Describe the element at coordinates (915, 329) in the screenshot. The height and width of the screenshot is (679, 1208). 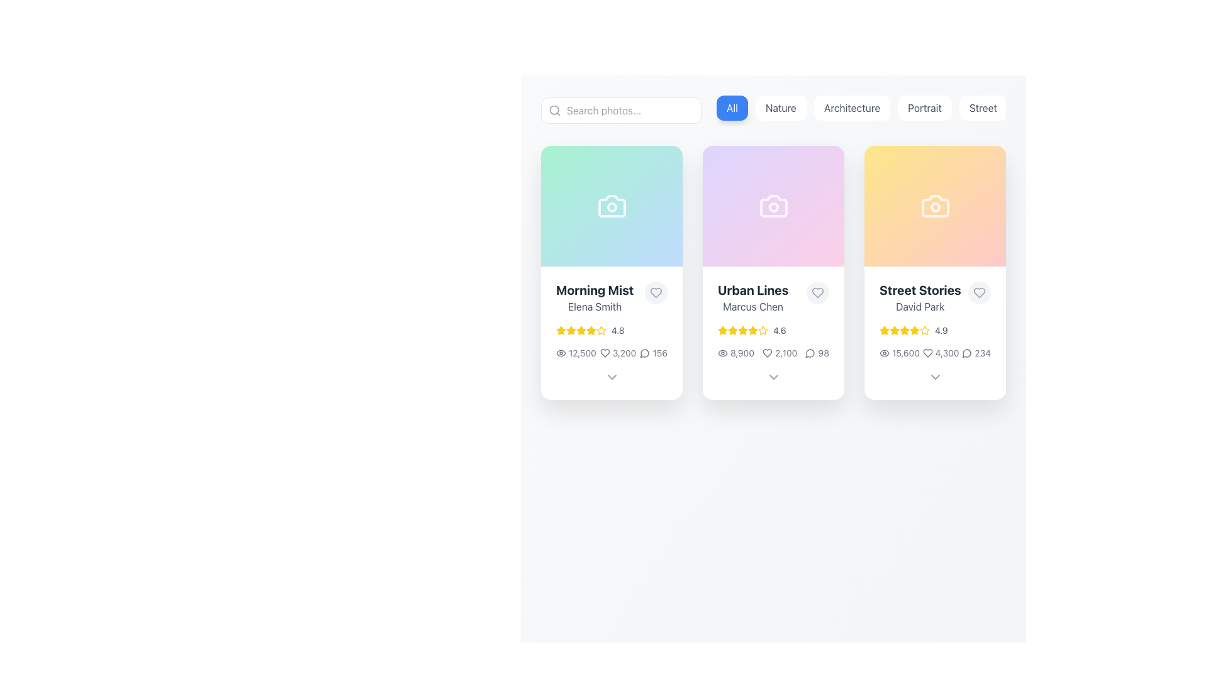
I see `the star icon representing a rating of 4.9 located below the title 'Street Stories' by 'David Park' in the third card from the left` at that location.